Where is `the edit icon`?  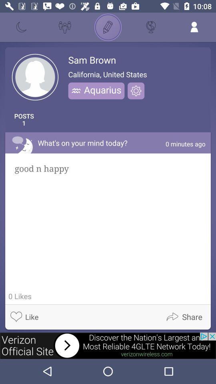
the edit icon is located at coordinates (108, 27).